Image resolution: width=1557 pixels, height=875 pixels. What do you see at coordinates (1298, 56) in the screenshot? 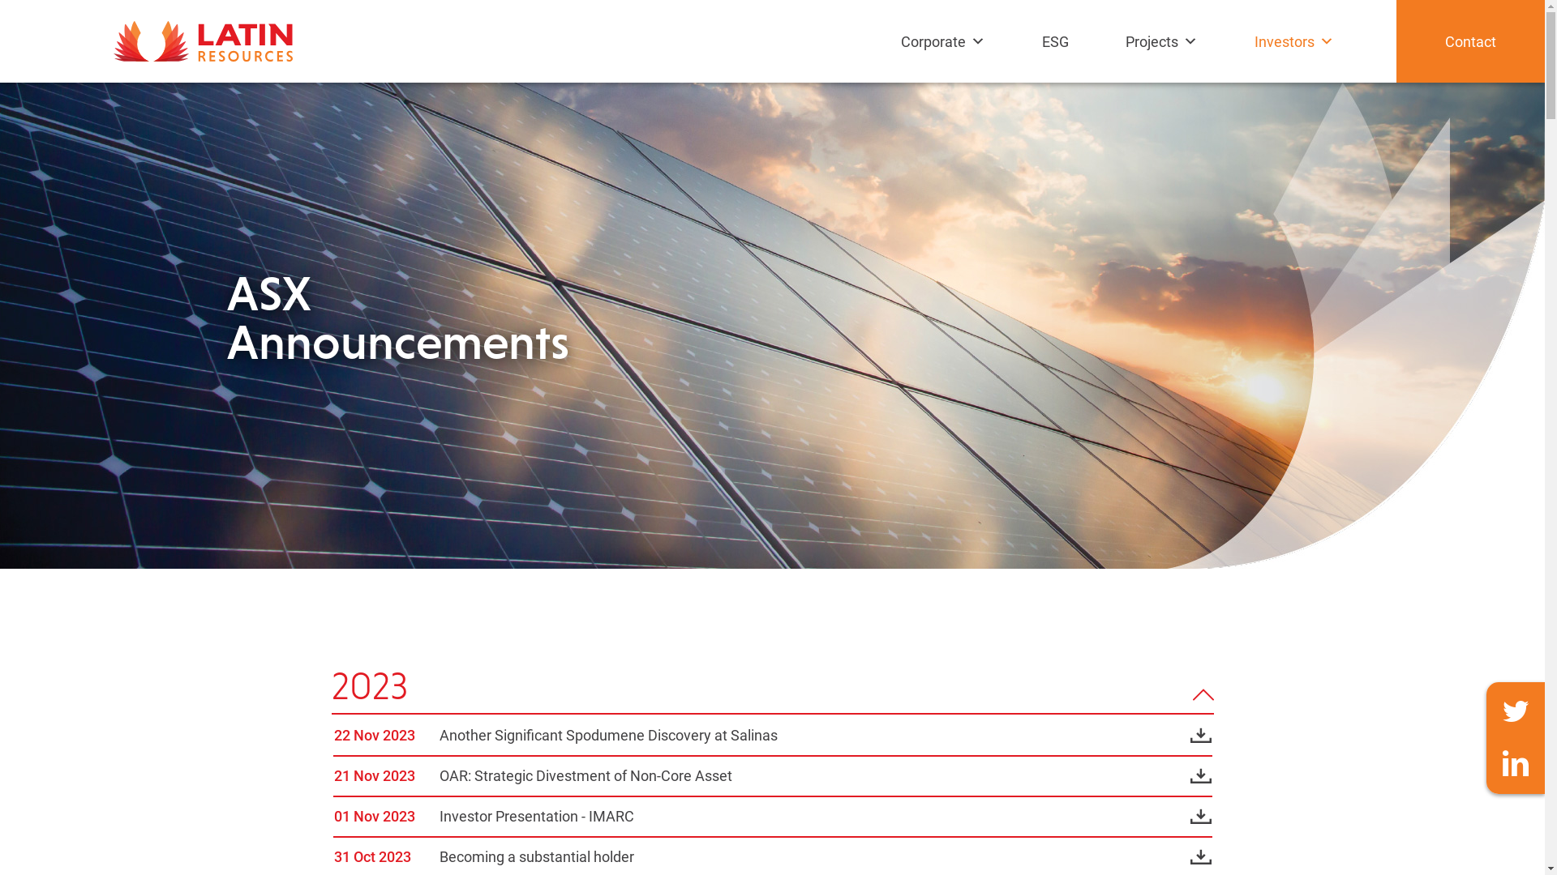
I see `'Investors'` at bounding box center [1298, 56].